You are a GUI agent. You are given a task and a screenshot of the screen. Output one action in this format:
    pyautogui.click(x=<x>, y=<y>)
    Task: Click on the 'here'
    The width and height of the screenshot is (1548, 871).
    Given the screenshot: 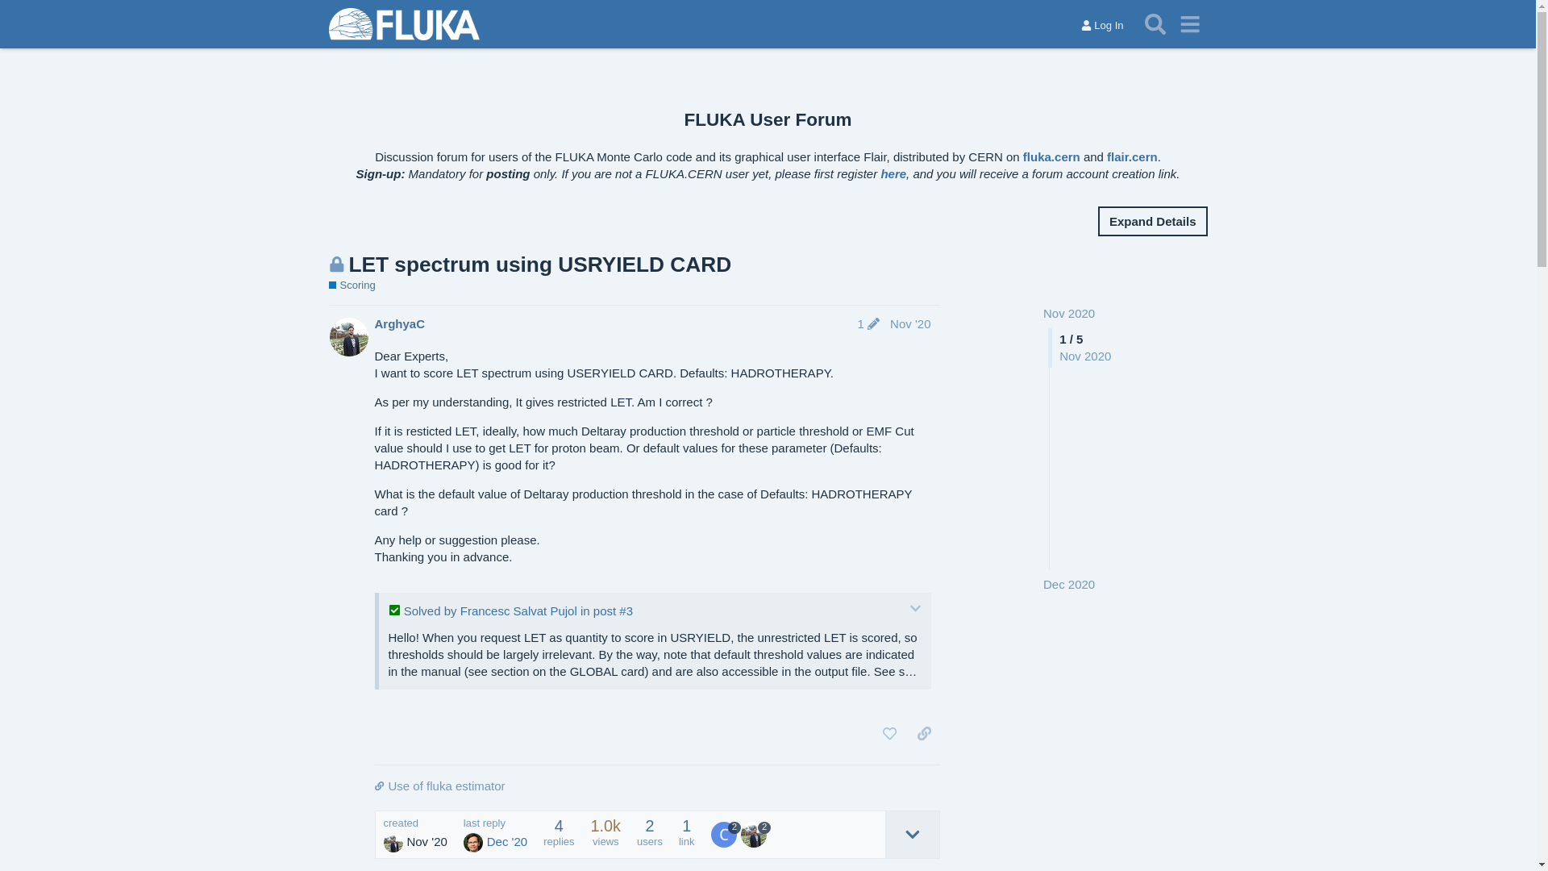 What is the action you would take?
    pyautogui.click(x=893, y=173)
    